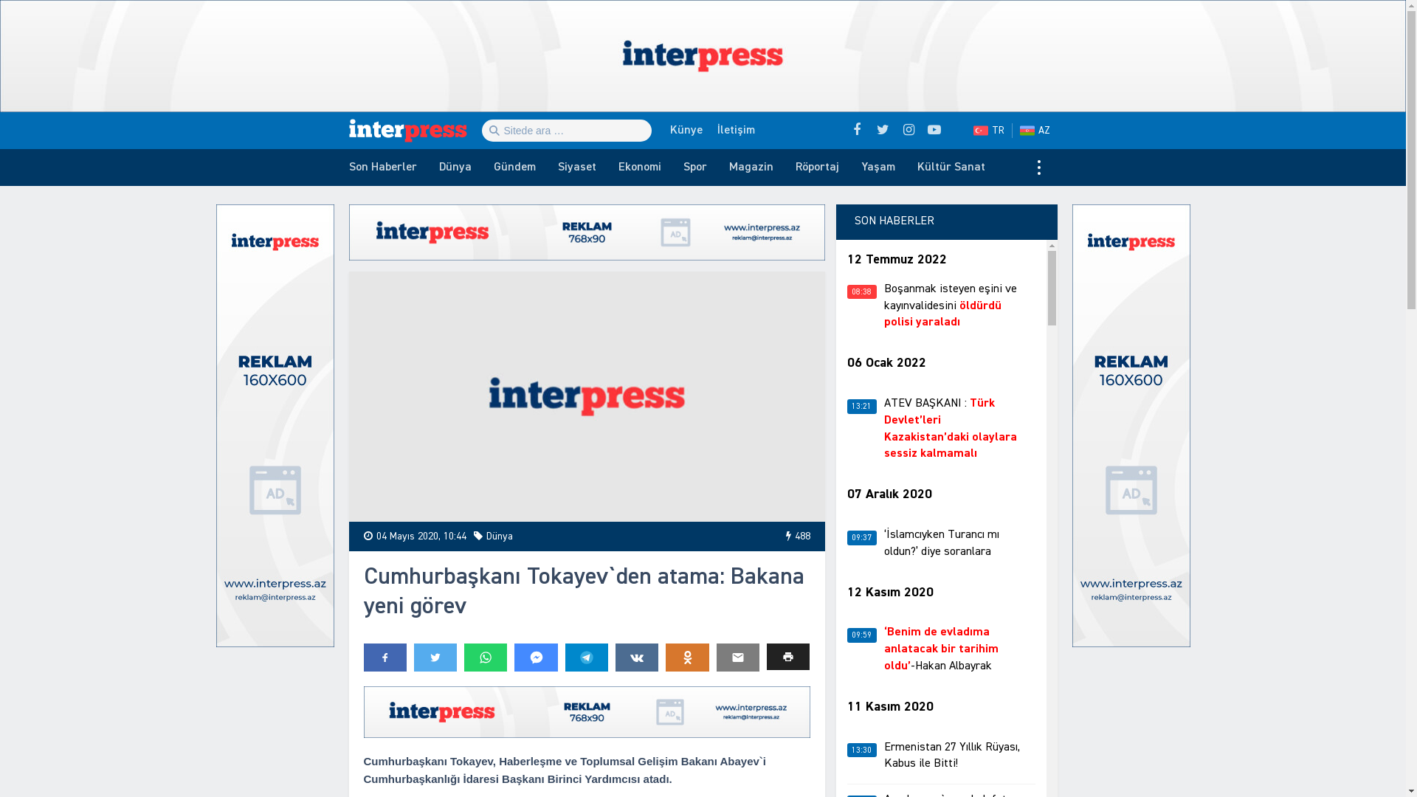 Image resolution: width=1417 pixels, height=797 pixels. What do you see at coordinates (638, 167) in the screenshot?
I see `'Ekonomi'` at bounding box center [638, 167].